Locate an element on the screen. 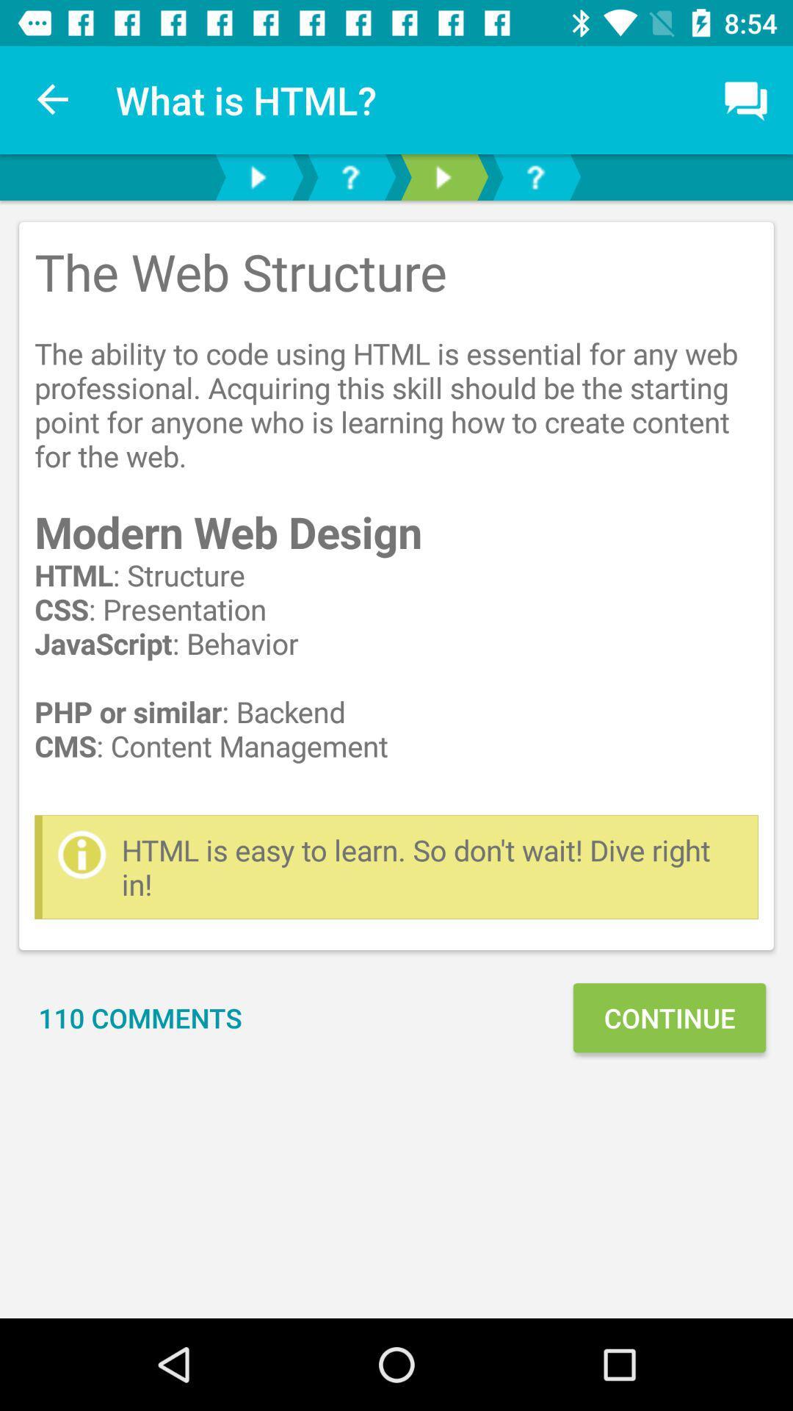 The image size is (793, 1411). comment box which is on top right hand side below notification bar is located at coordinates (747, 100).